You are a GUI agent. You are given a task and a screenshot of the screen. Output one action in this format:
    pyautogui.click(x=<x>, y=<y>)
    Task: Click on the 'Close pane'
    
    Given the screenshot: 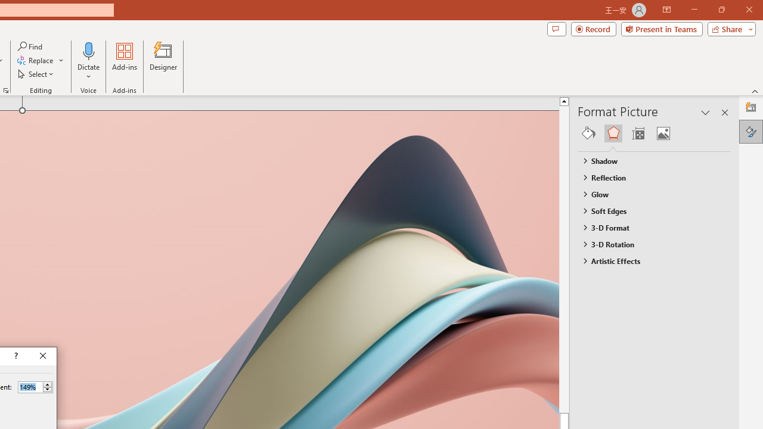 What is the action you would take?
    pyautogui.click(x=724, y=113)
    